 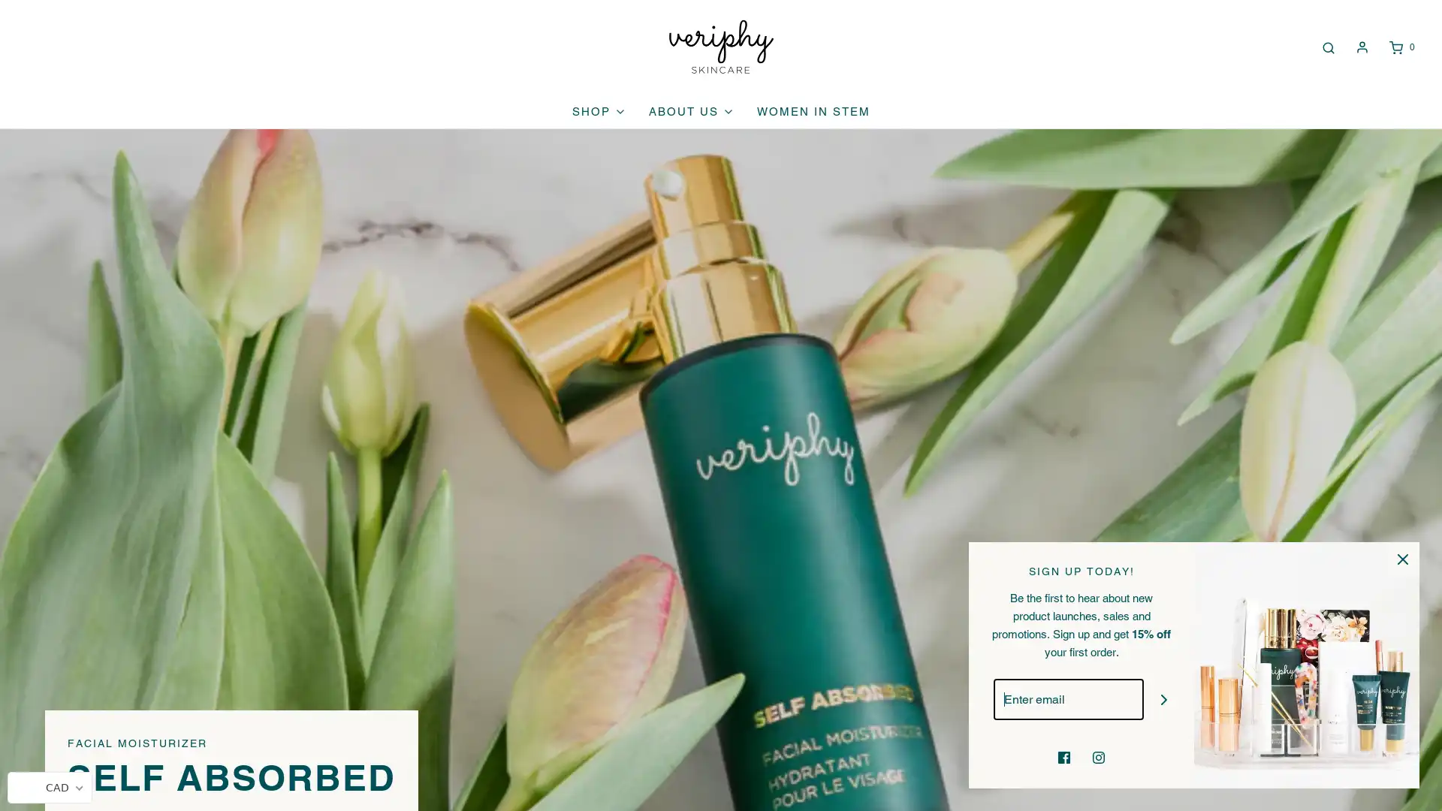 What do you see at coordinates (1327, 46) in the screenshot?
I see `Open search bar` at bounding box center [1327, 46].